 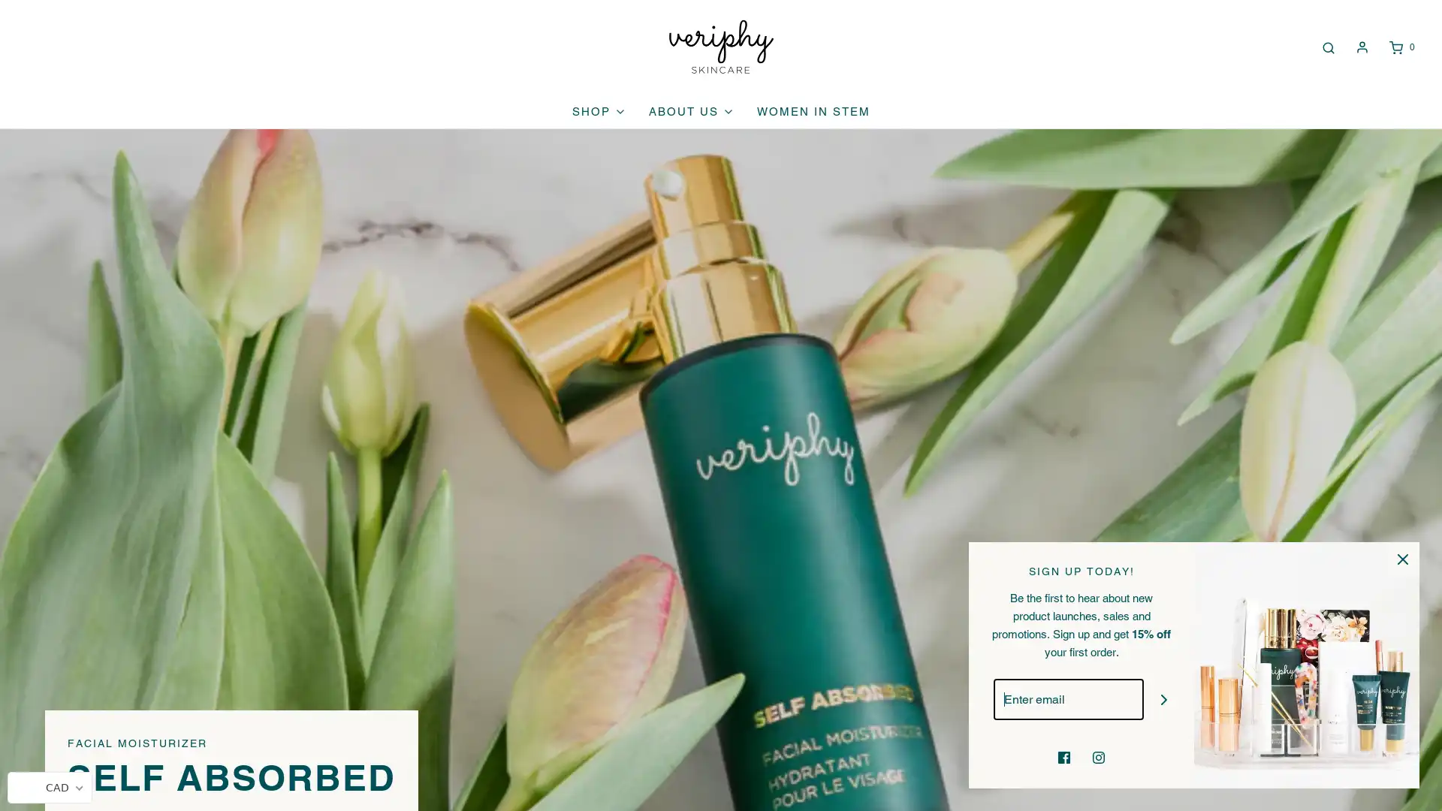 What do you see at coordinates (1327, 46) in the screenshot?
I see `Open search bar` at bounding box center [1327, 46].